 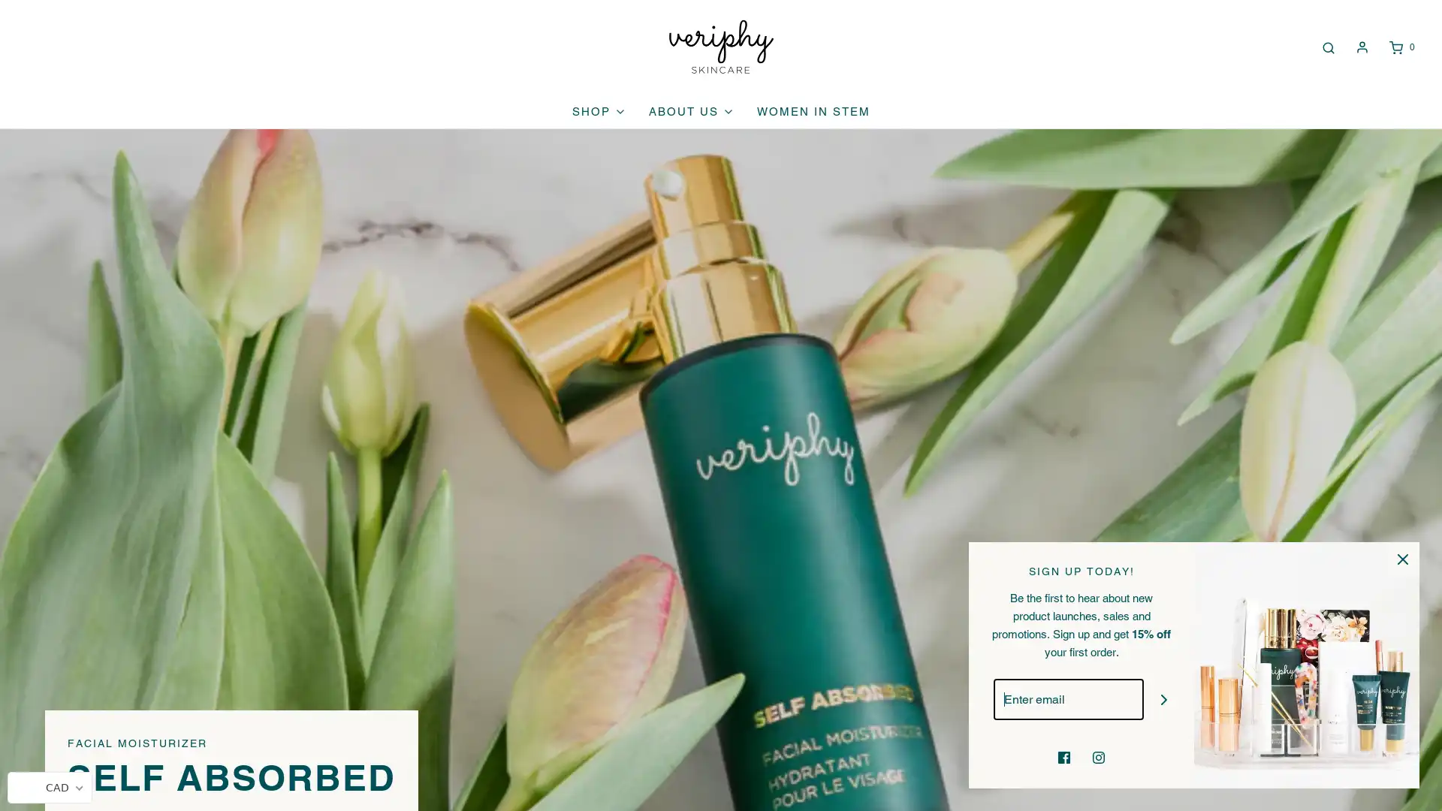 What do you see at coordinates (1327, 46) in the screenshot?
I see `Open search bar` at bounding box center [1327, 46].